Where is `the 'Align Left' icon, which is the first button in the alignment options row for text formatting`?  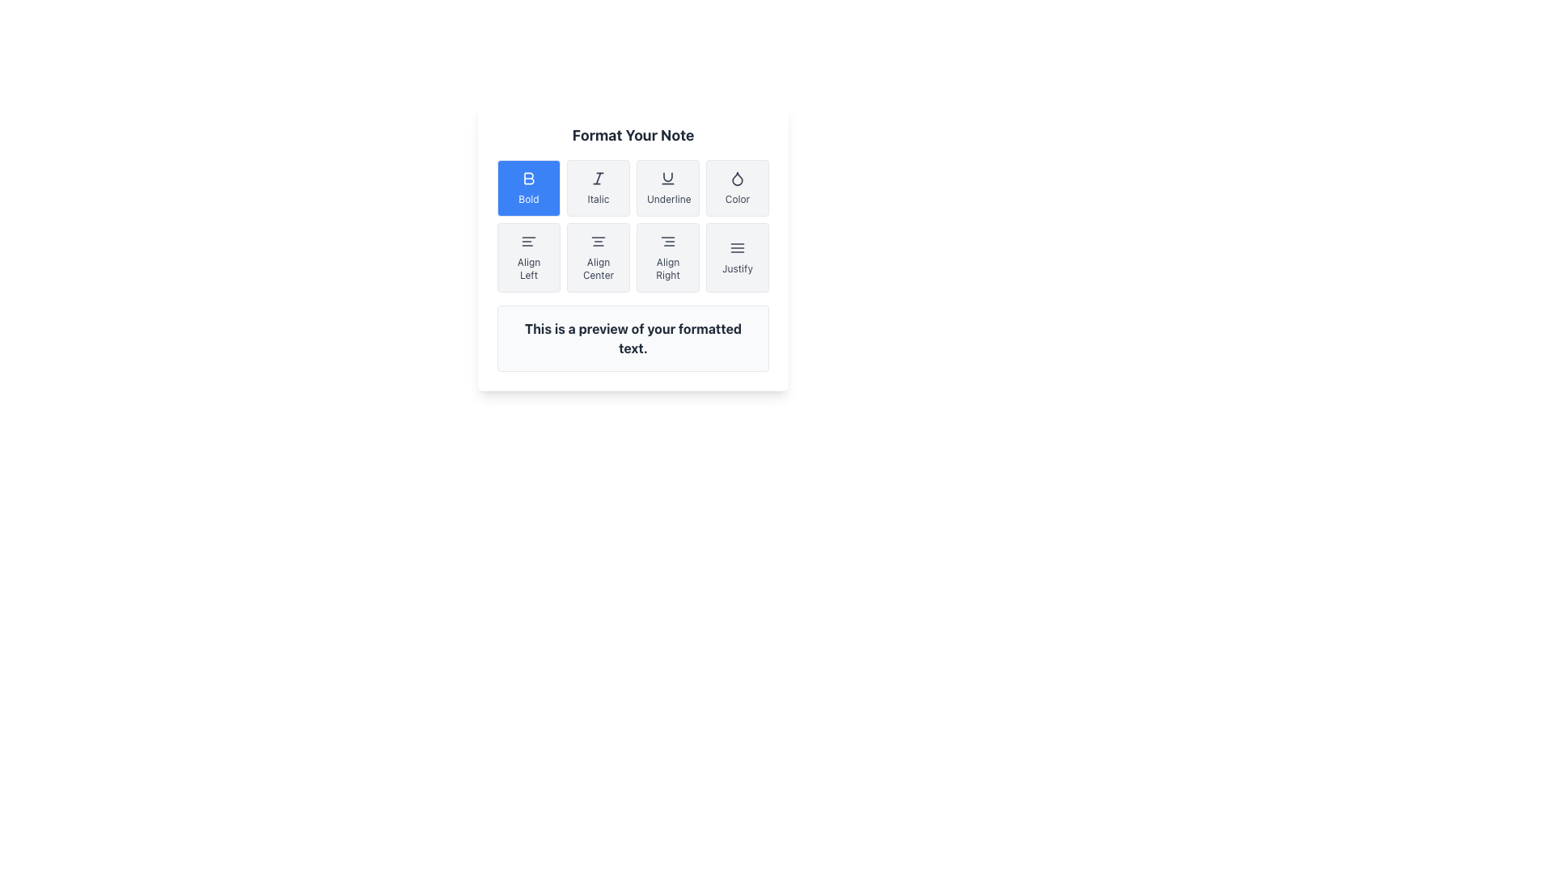 the 'Align Left' icon, which is the first button in the alignment options row for text formatting is located at coordinates (528, 242).